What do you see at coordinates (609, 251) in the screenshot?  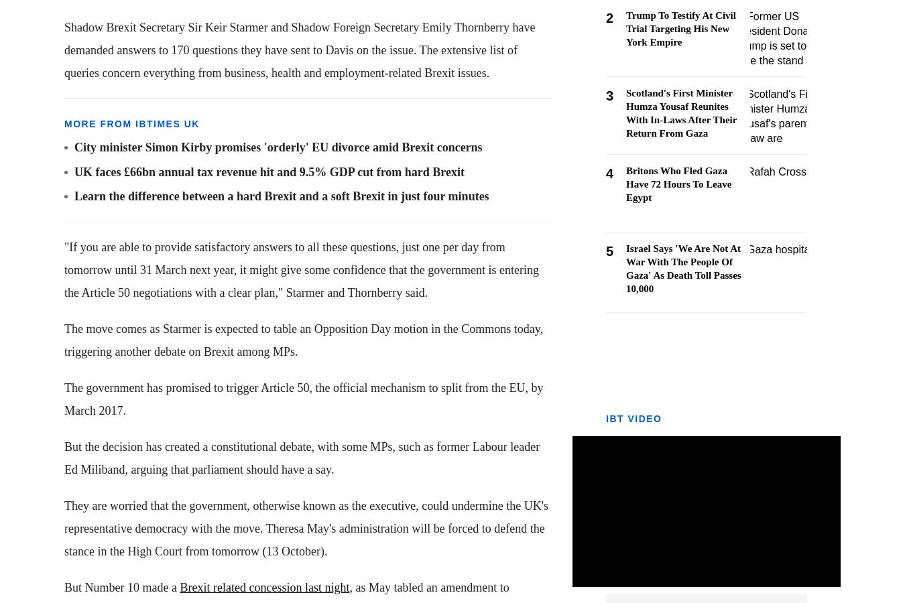 I see `'5'` at bounding box center [609, 251].